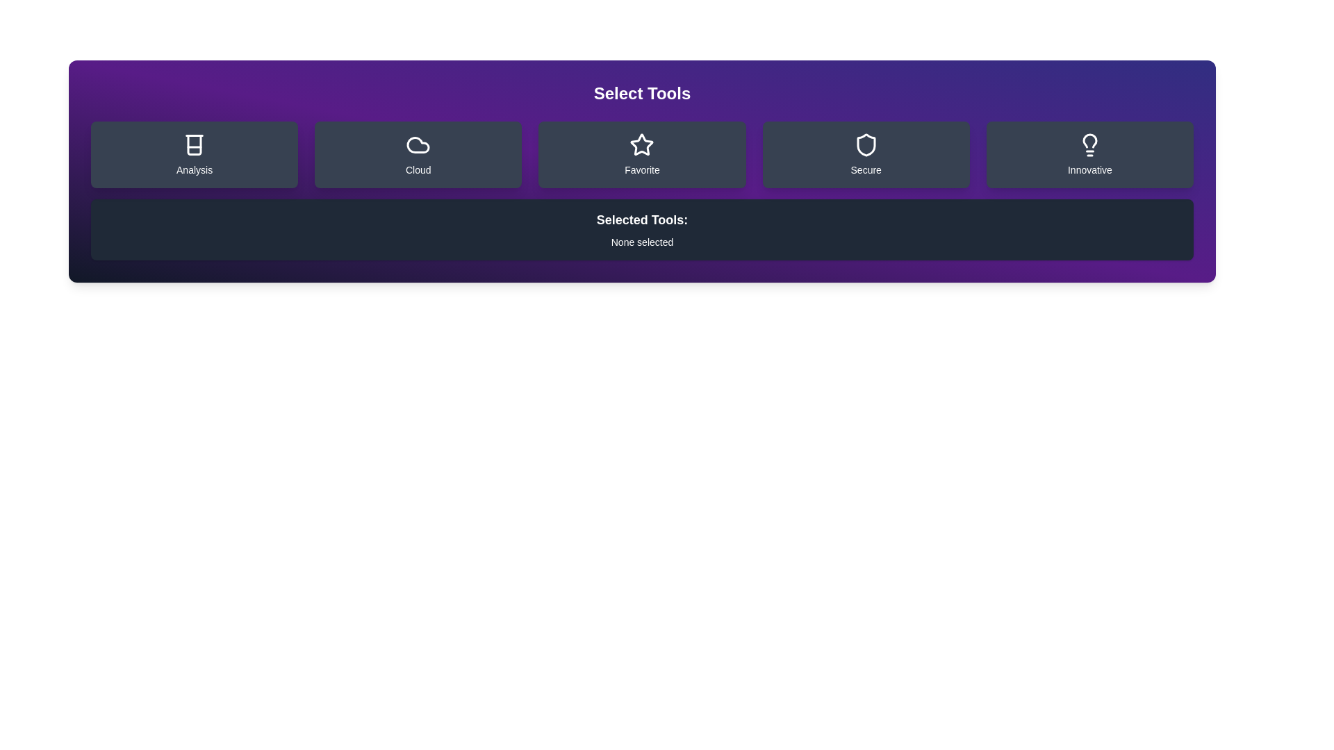 This screenshot has height=750, width=1334. Describe the element at coordinates (1089, 141) in the screenshot. I see `the graphical icon resembling a lightbulb located in the 'Innovative' tile, which is part of an interactive selection interface` at that location.